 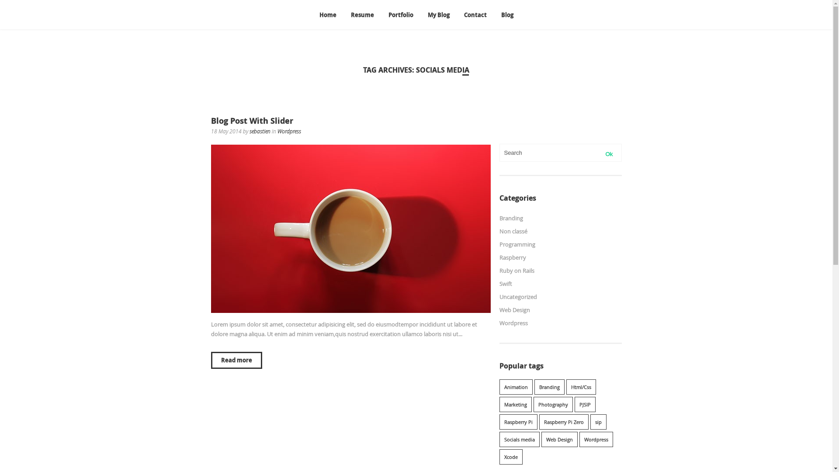 I want to click on 'sip', so click(x=597, y=421).